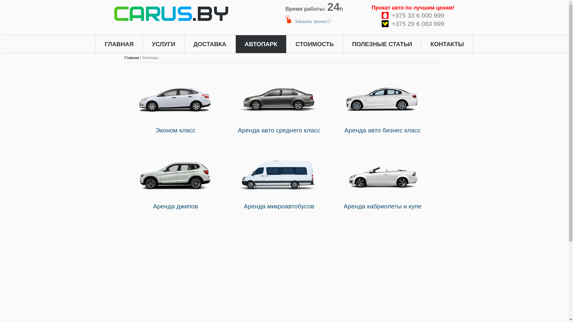 This screenshot has width=573, height=322. I want to click on '+375 29 6 083 999', so click(412, 23).